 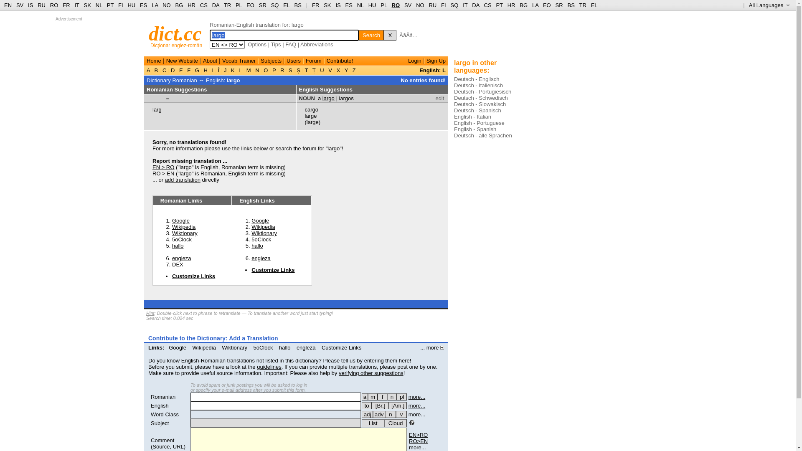 What do you see at coordinates (244, 70) in the screenshot?
I see `'M'` at bounding box center [244, 70].